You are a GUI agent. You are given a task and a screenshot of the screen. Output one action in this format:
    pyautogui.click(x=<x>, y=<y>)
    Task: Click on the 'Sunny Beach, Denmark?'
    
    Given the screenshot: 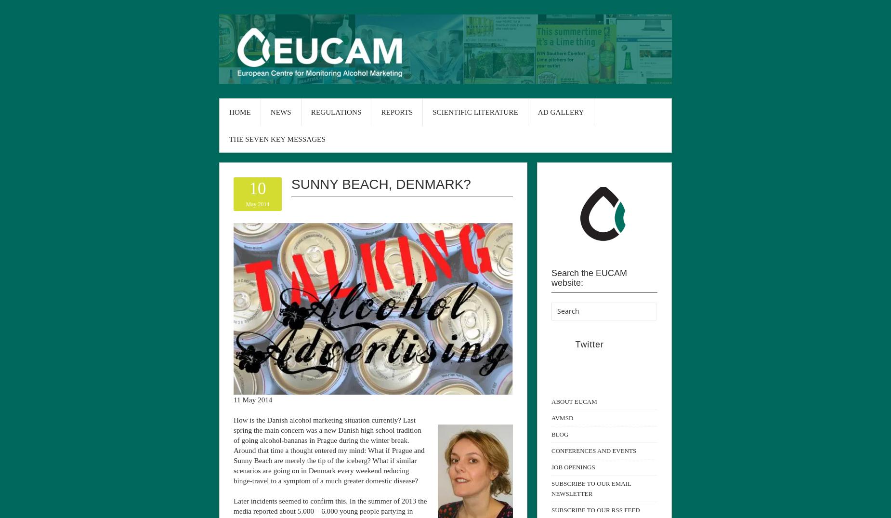 What is the action you would take?
    pyautogui.click(x=291, y=184)
    